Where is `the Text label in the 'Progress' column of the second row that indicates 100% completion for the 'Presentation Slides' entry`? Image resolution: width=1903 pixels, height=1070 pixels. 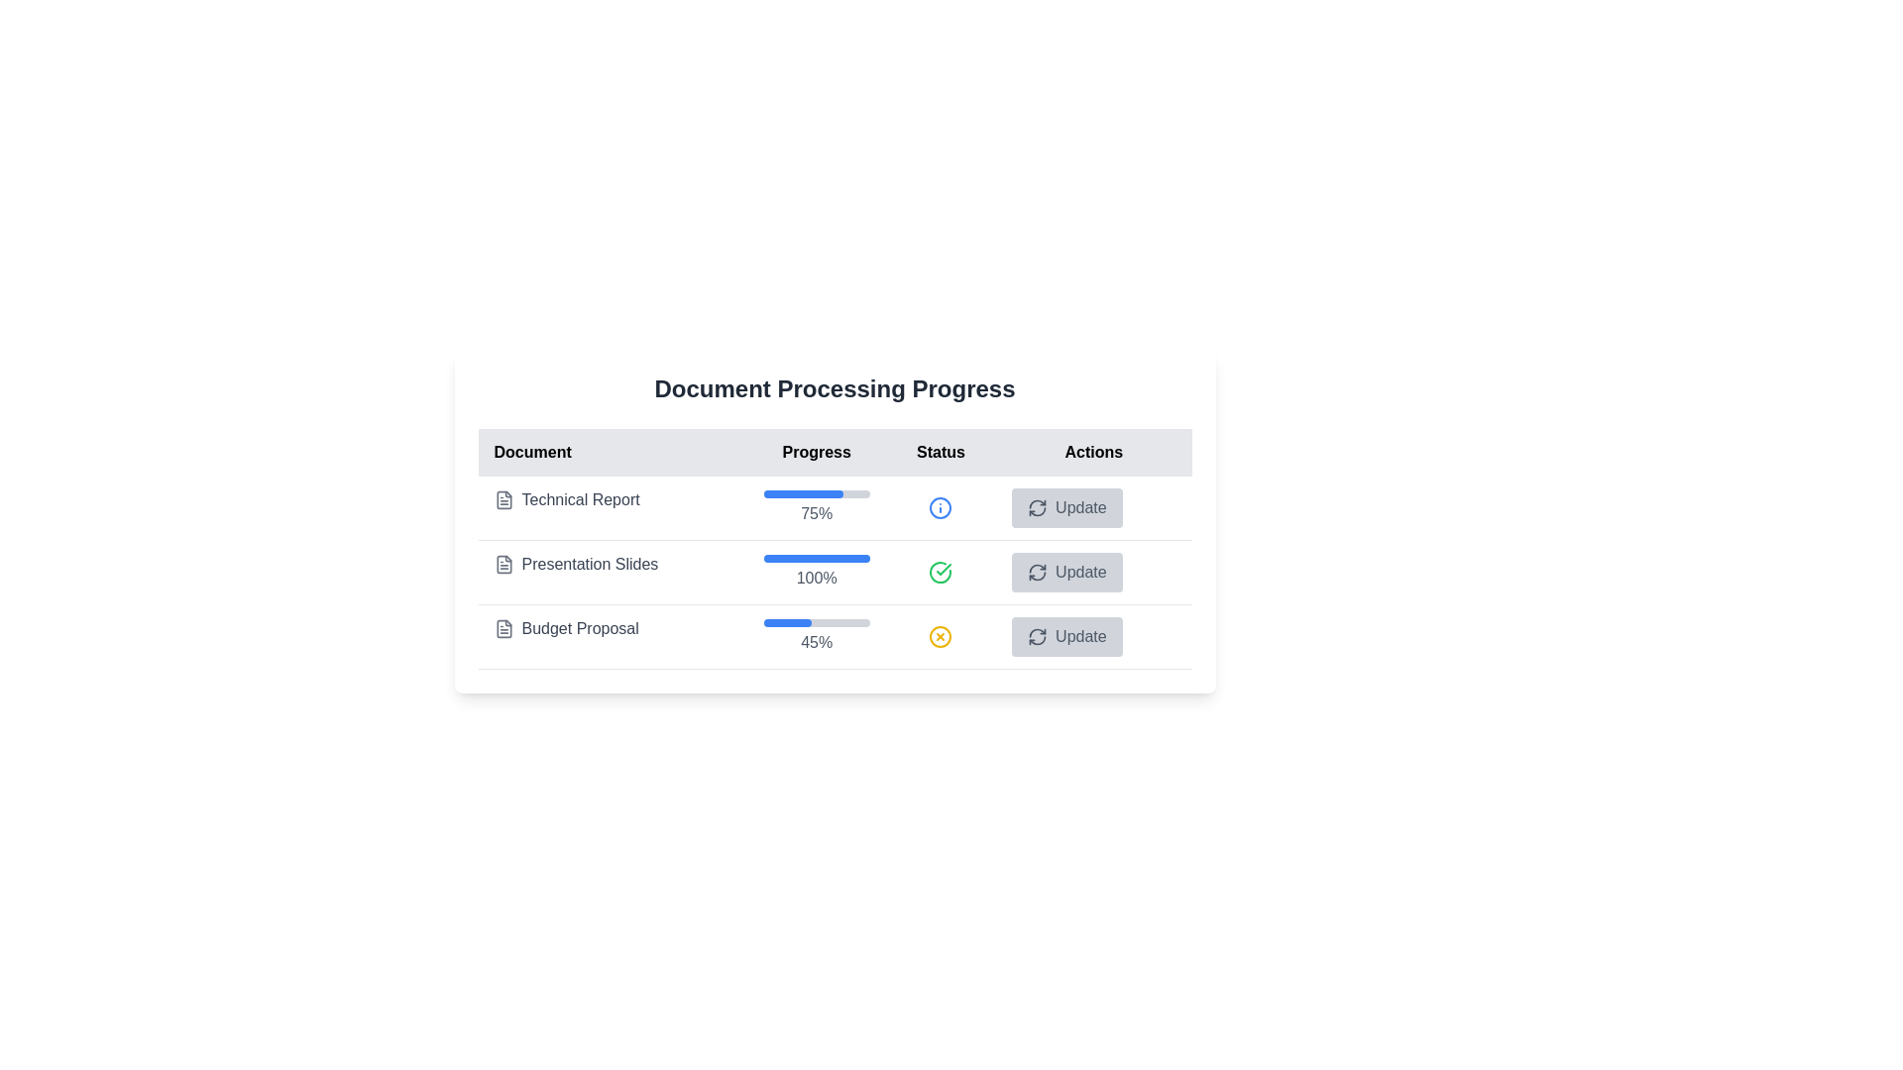 the Text label in the 'Progress' column of the second row that indicates 100% completion for the 'Presentation Slides' entry is located at coordinates (817, 578).